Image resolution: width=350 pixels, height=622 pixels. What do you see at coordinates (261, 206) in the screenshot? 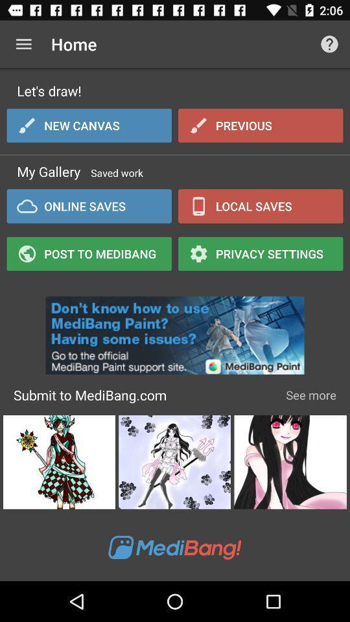
I see `local saves icon` at bounding box center [261, 206].